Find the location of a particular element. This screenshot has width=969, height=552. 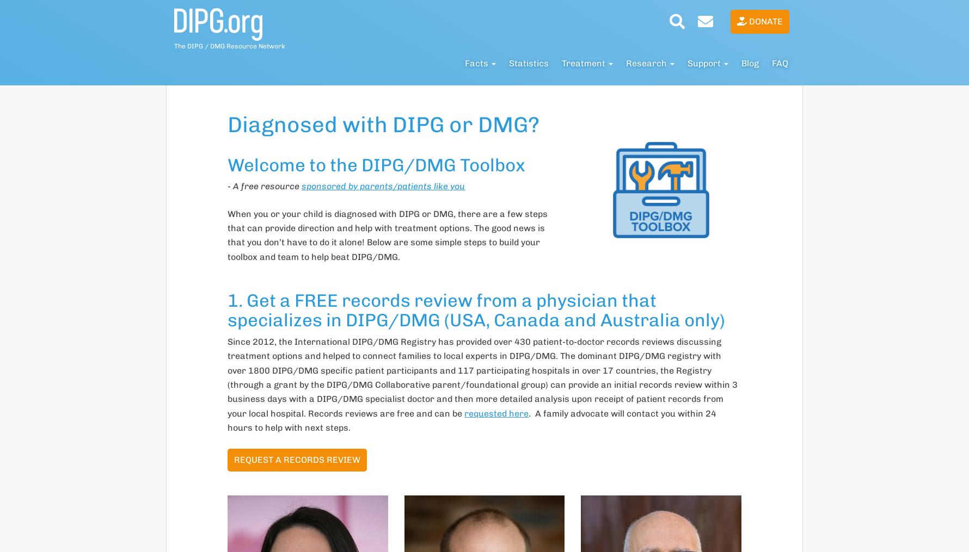

'The DIPG / DMG Resource Network' is located at coordinates (229, 46).